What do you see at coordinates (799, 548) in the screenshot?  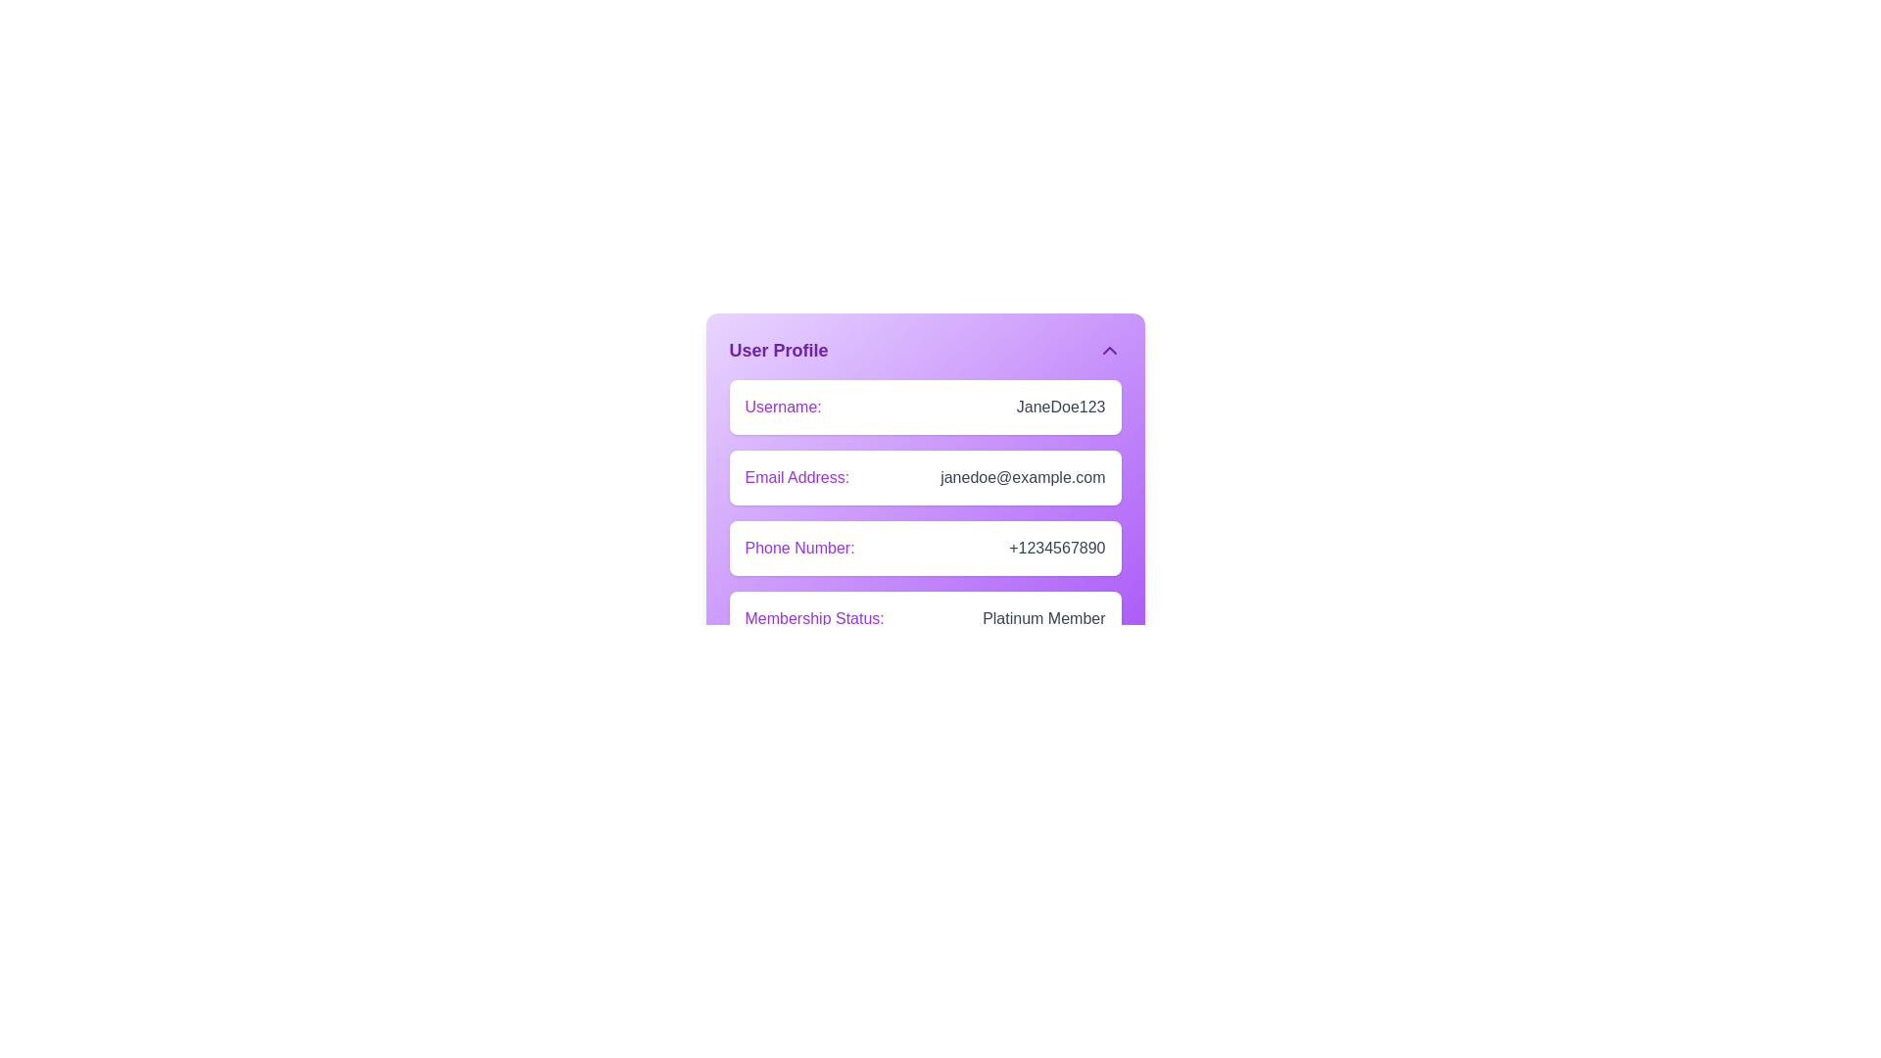 I see `text from the Text Label that indicates the phone number field within the user profile display, located in the left column of the profile list` at bounding box center [799, 548].